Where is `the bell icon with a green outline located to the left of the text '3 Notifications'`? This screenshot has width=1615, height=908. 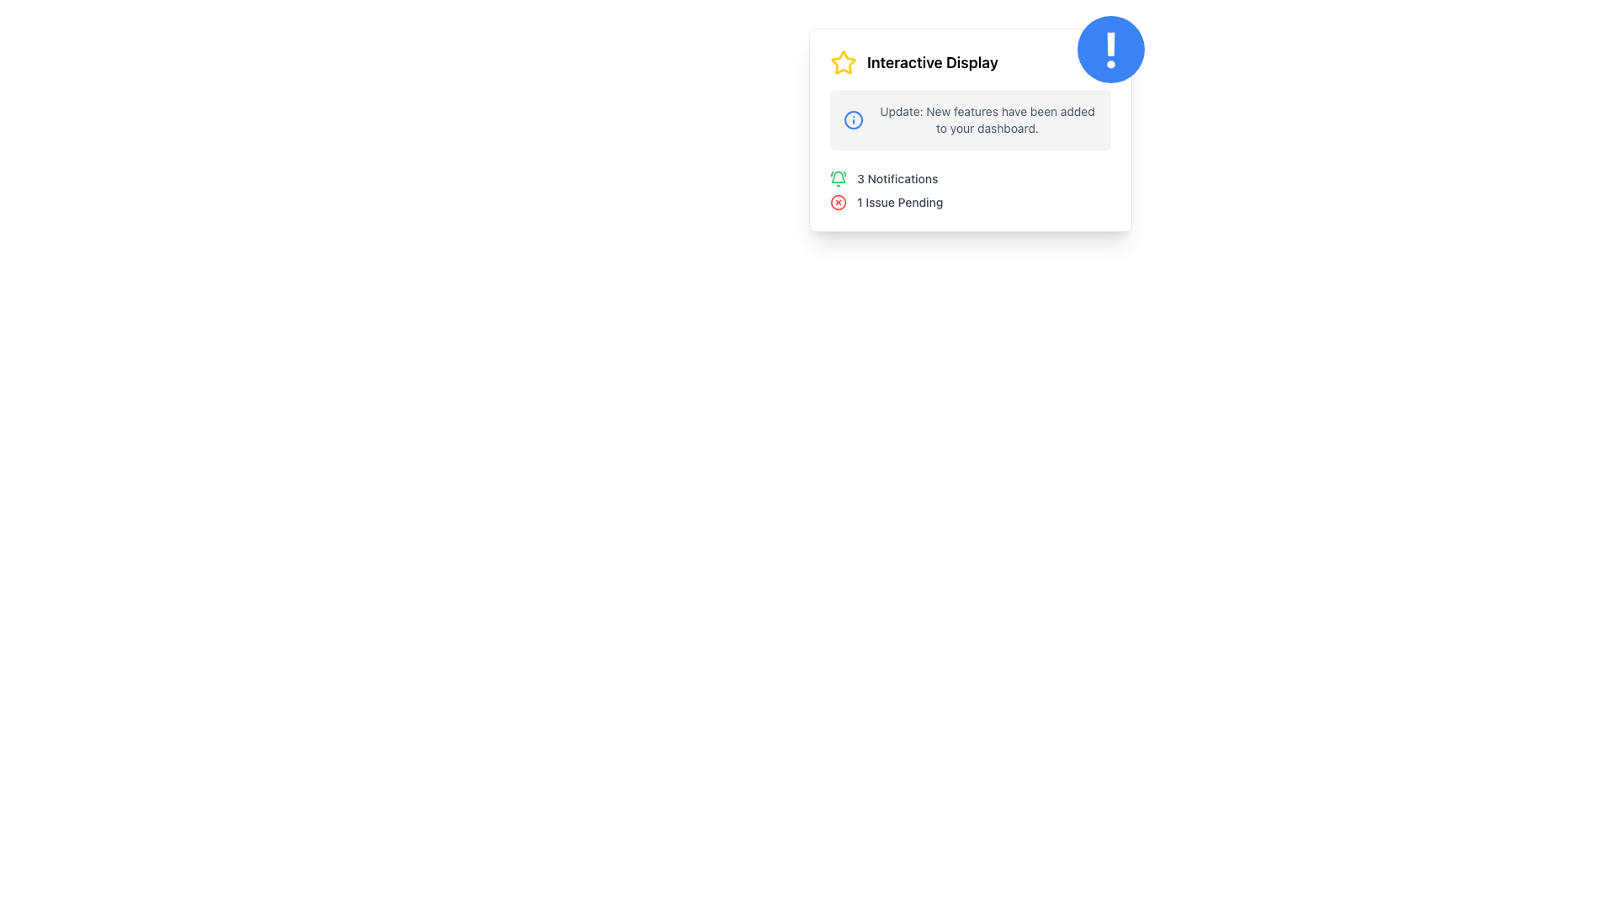 the bell icon with a green outline located to the left of the text '3 Notifications' is located at coordinates (839, 178).